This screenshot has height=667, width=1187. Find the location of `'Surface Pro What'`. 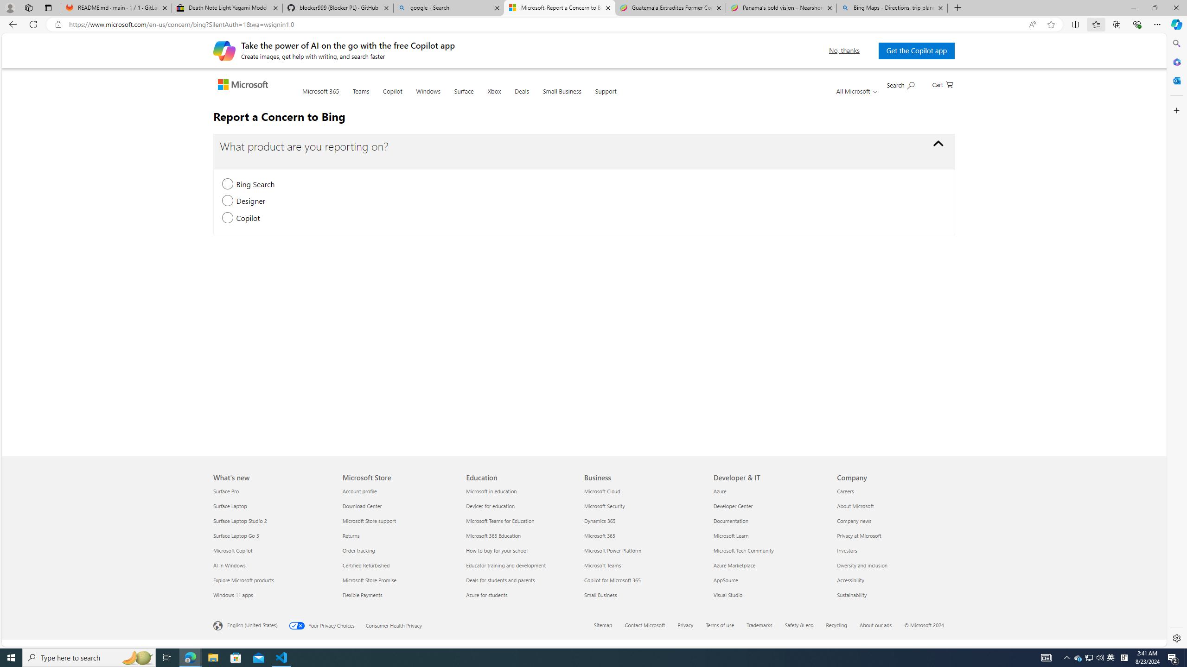

'Surface Pro What' is located at coordinates (226, 491).